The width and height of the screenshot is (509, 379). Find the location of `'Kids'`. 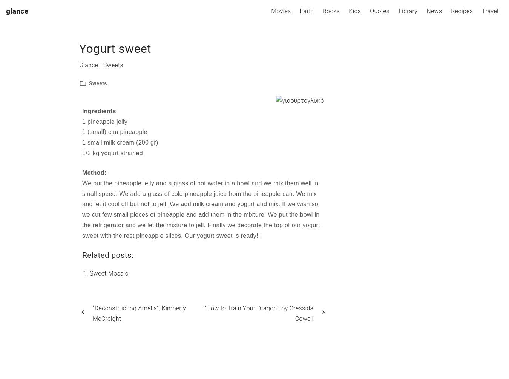

'Kids' is located at coordinates (354, 11).